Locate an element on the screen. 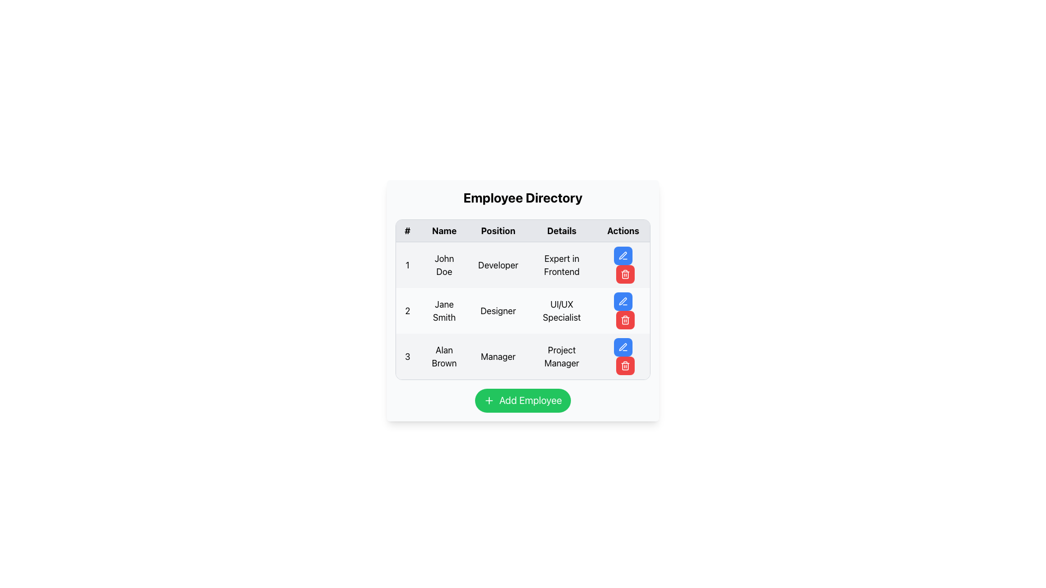 Image resolution: width=1046 pixels, height=588 pixels. the edit button in the third row of the Actions column of the table, which has a pen icon indicating editing functionality is located at coordinates (623, 347).